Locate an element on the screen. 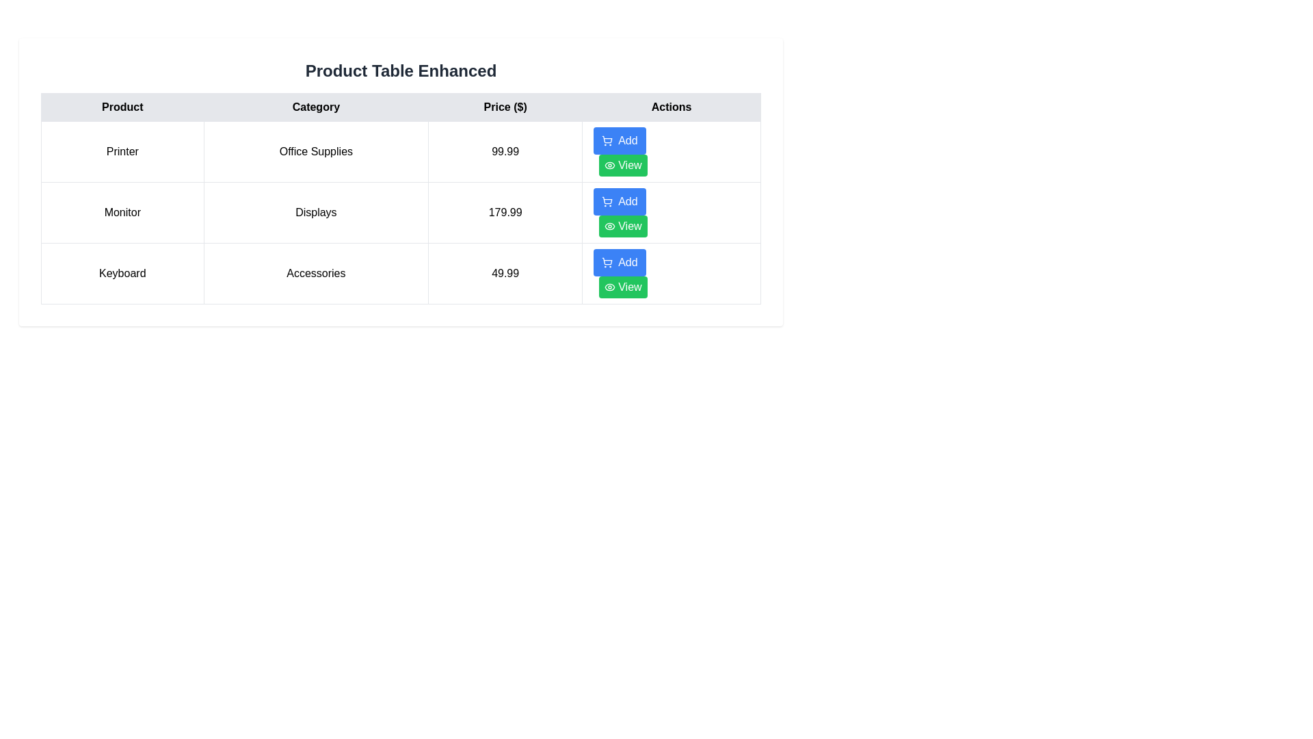 Image resolution: width=1313 pixels, height=739 pixels. the 'Product' text label is located at coordinates (122, 213).